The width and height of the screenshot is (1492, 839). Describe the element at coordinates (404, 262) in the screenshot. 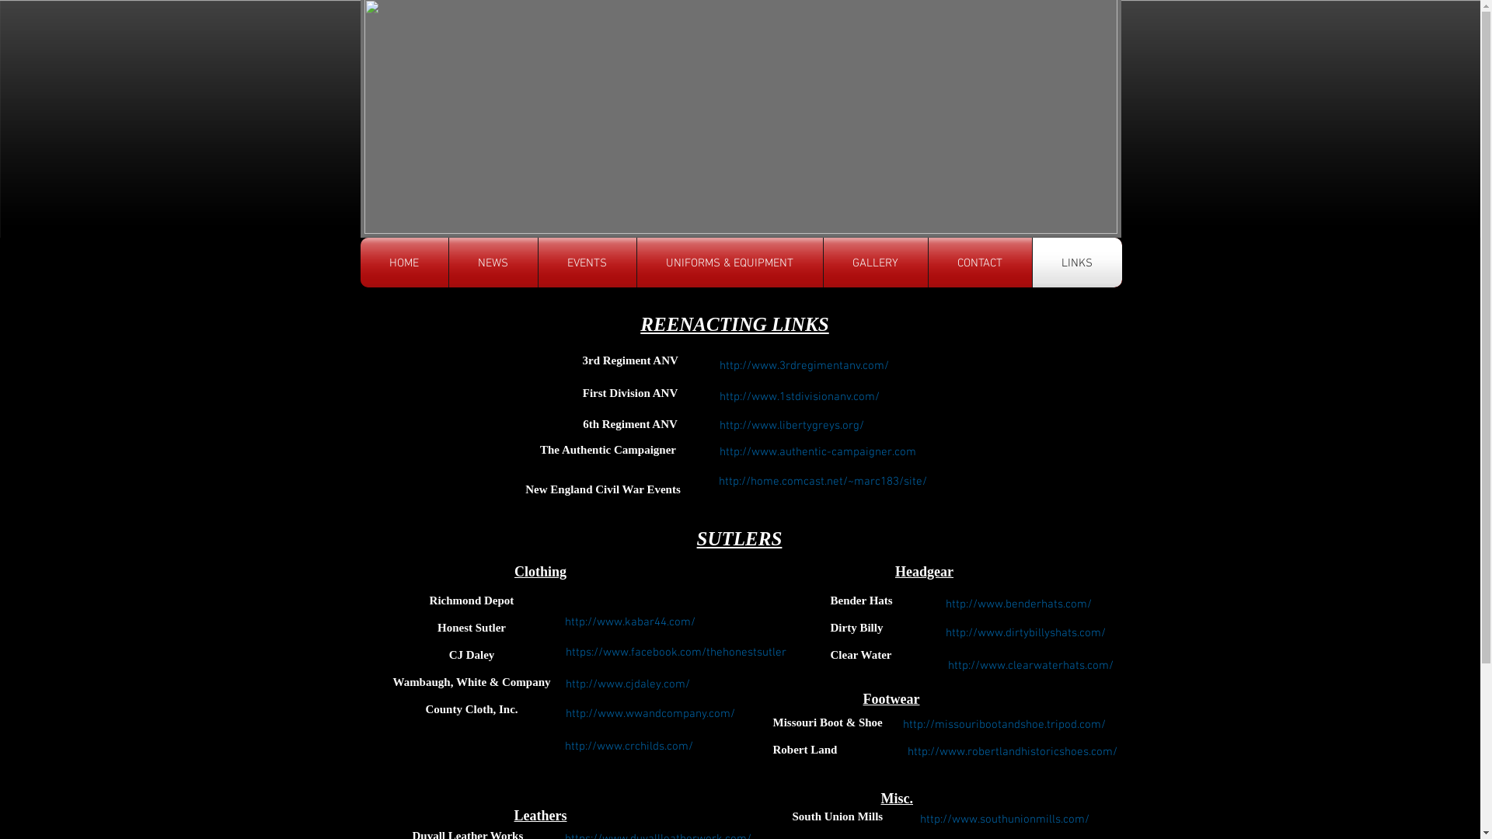

I see `'HOME'` at that location.